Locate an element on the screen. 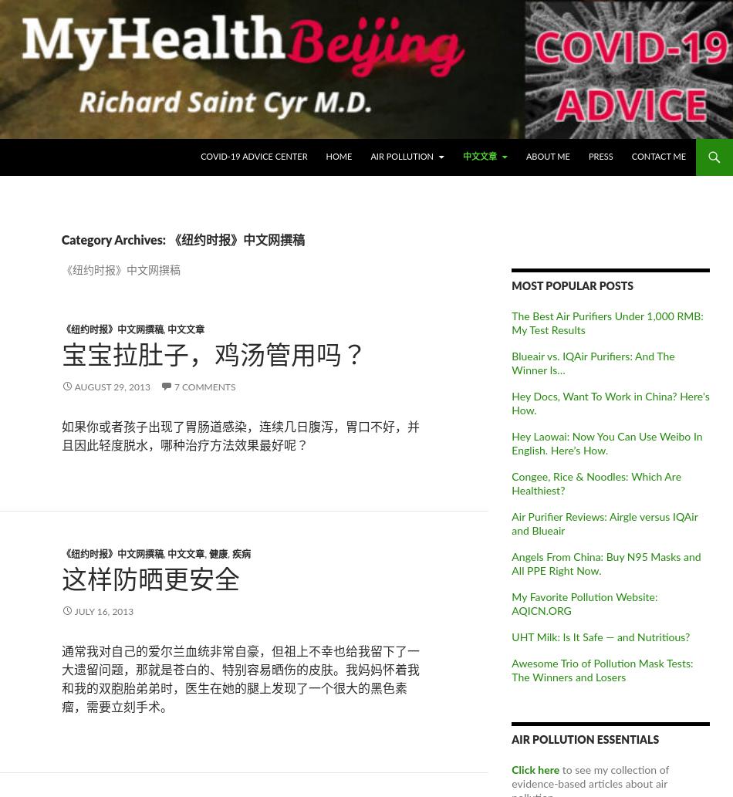  'July 16, 2013' is located at coordinates (103, 611).